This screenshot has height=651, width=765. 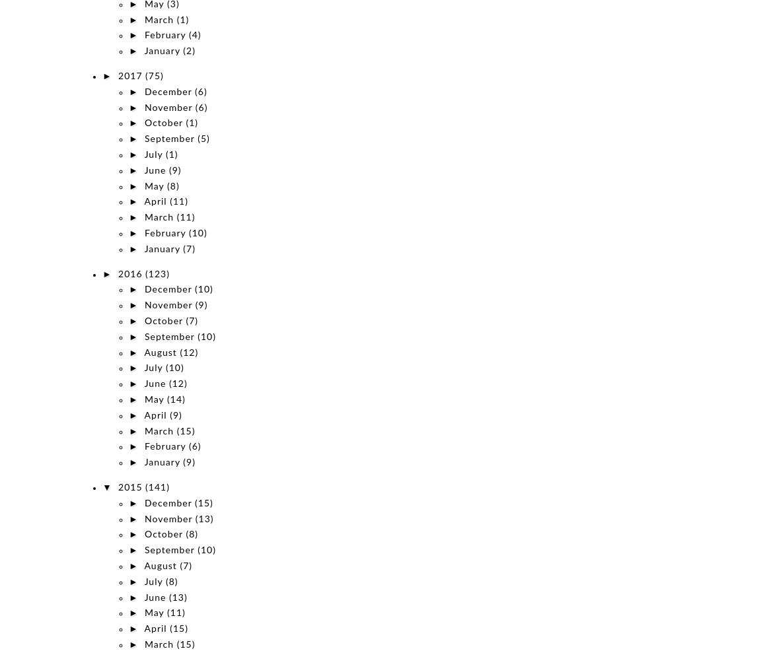 What do you see at coordinates (203, 139) in the screenshot?
I see `'(5)'` at bounding box center [203, 139].